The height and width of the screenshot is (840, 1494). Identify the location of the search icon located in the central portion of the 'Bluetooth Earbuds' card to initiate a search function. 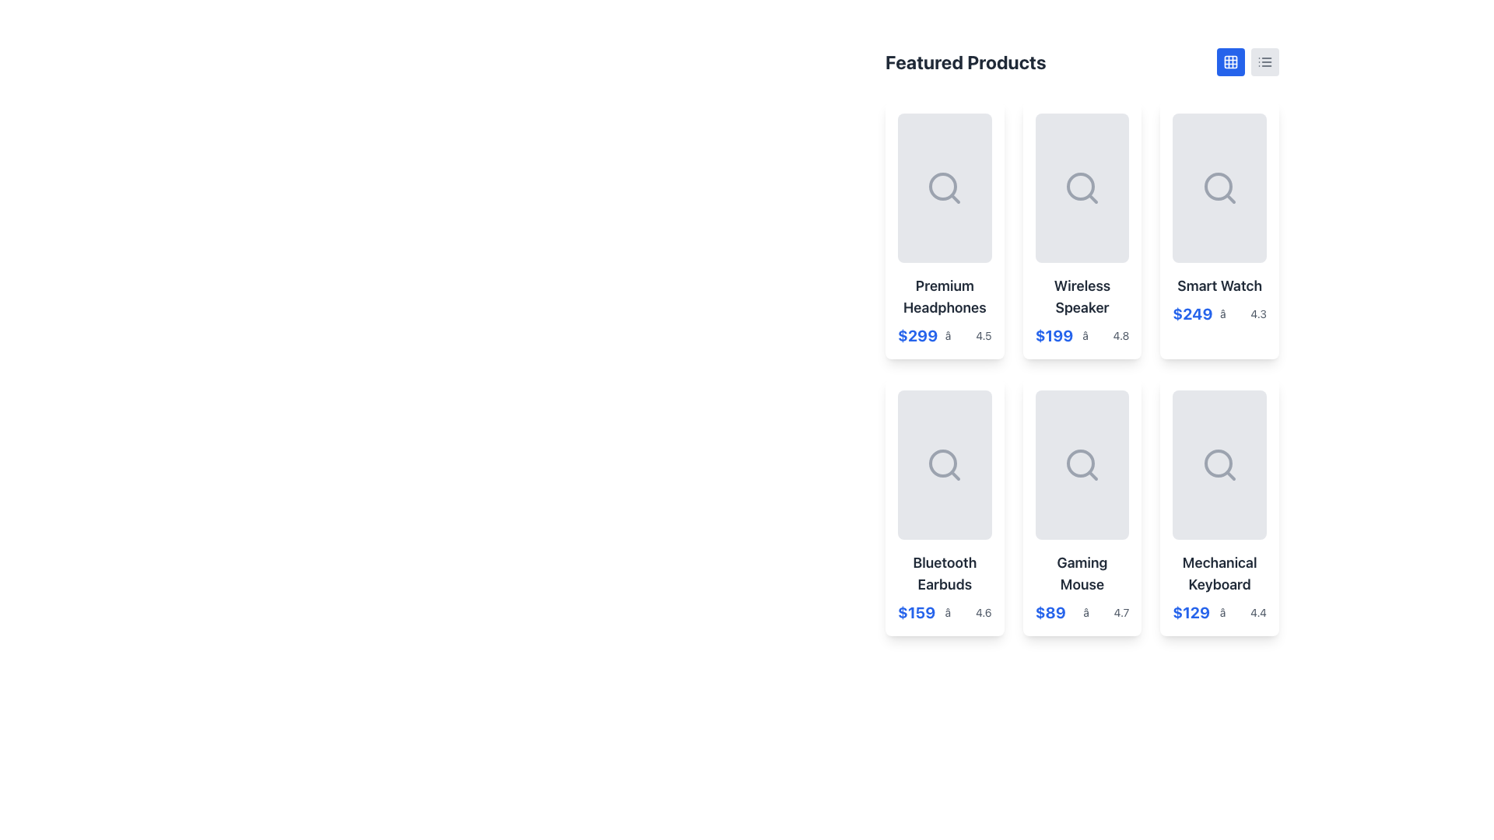
(944, 464).